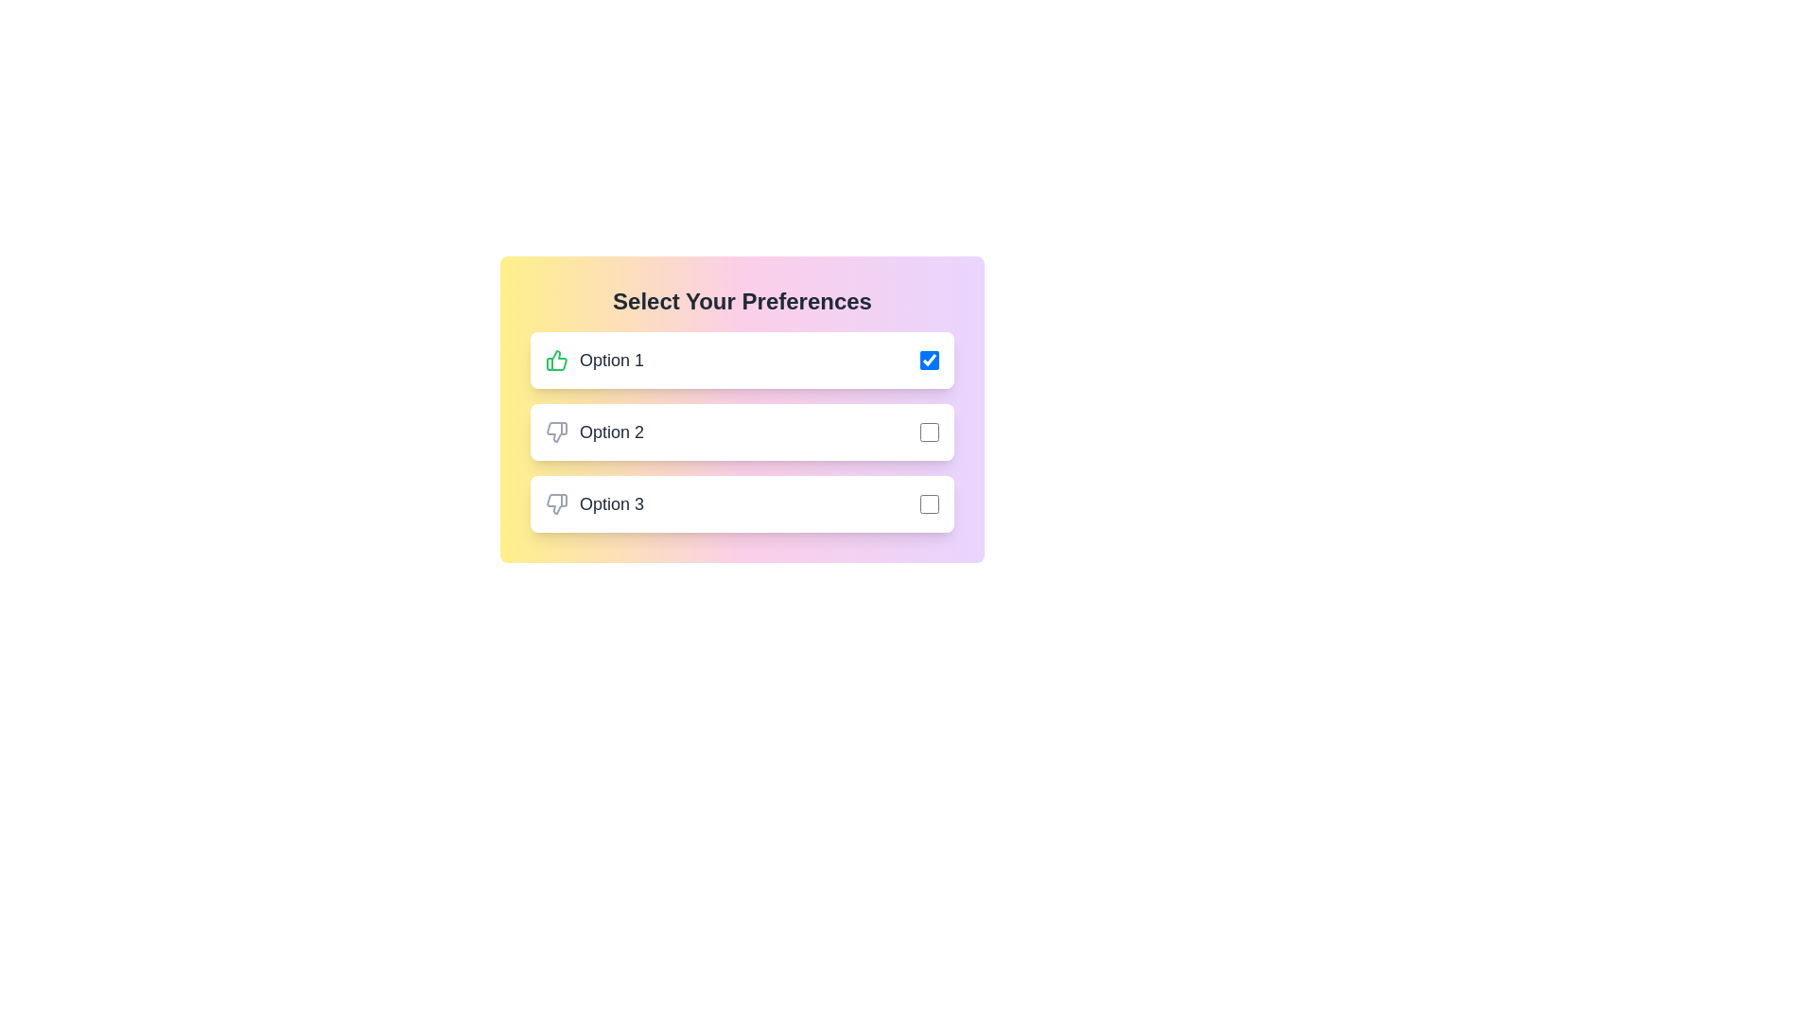  What do you see at coordinates (593, 432) in the screenshot?
I see `the second selectable option in the preference selection context, which is located below 'Option 1' and above 'Option 3'` at bounding box center [593, 432].